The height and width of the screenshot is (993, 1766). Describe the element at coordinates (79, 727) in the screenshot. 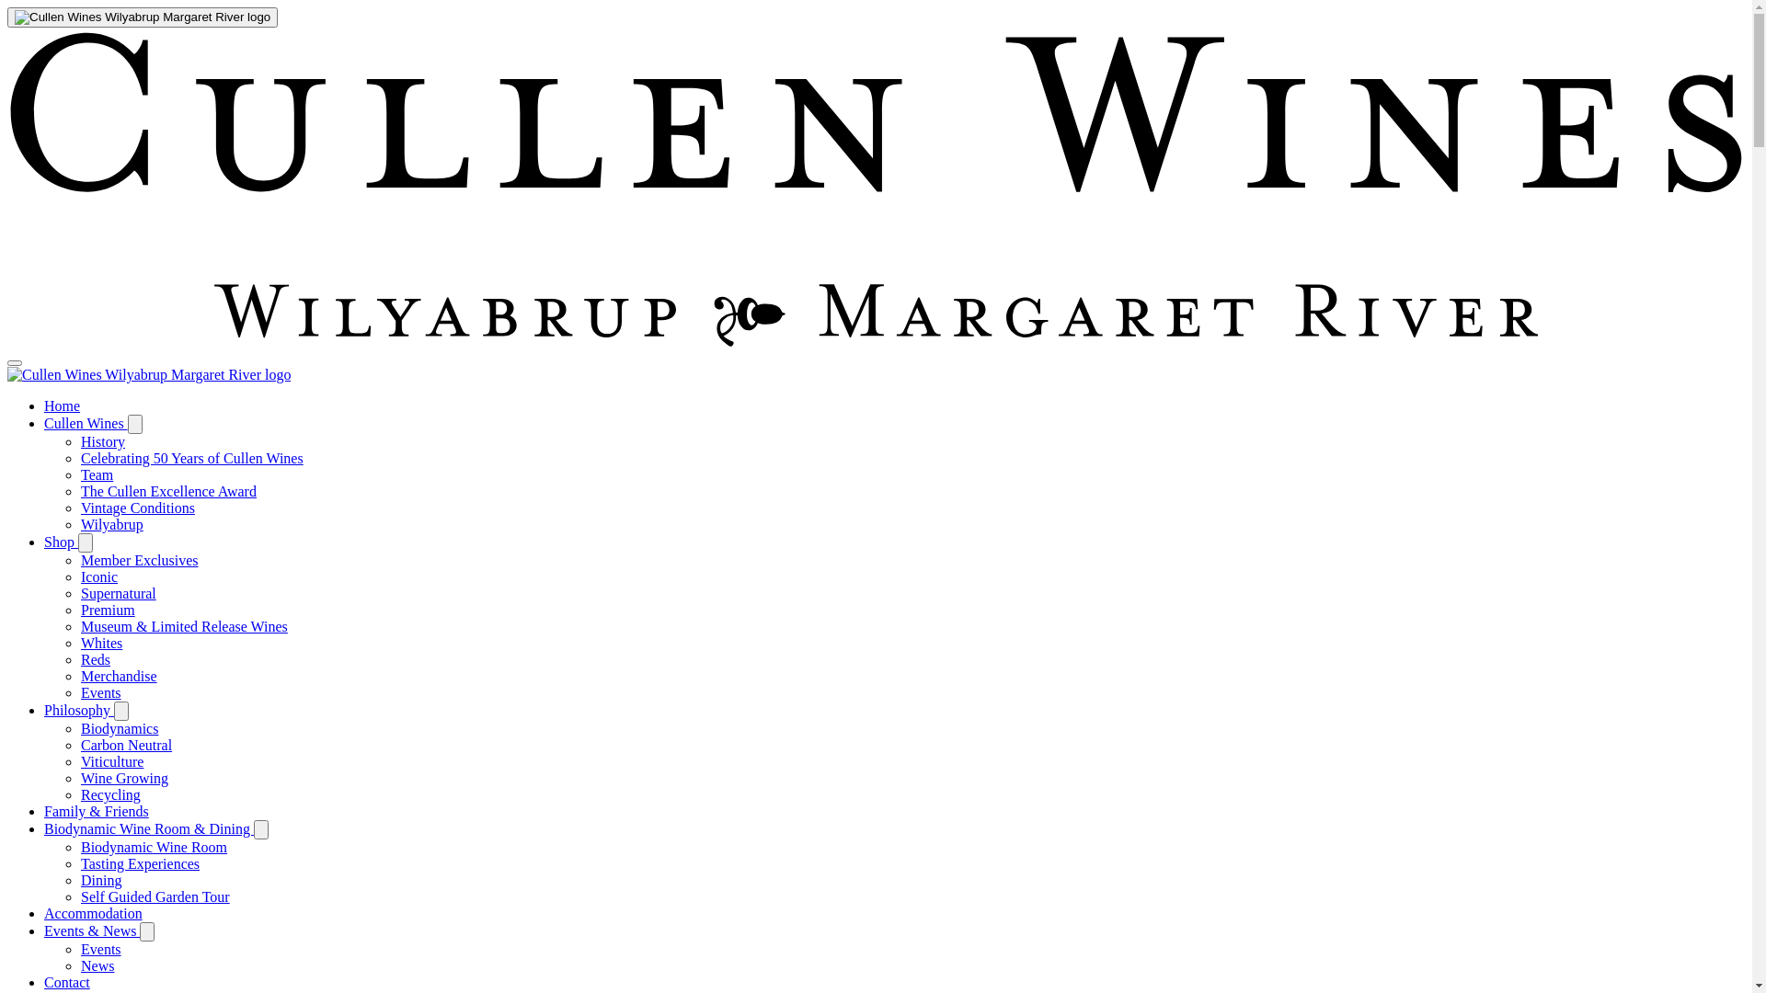

I see `'Biodynamics'` at that location.